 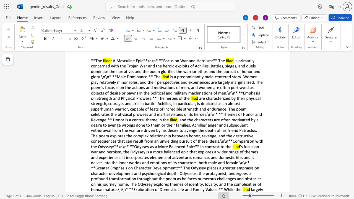 I want to click on the 9th character "n" in the text, so click(x=182, y=157).